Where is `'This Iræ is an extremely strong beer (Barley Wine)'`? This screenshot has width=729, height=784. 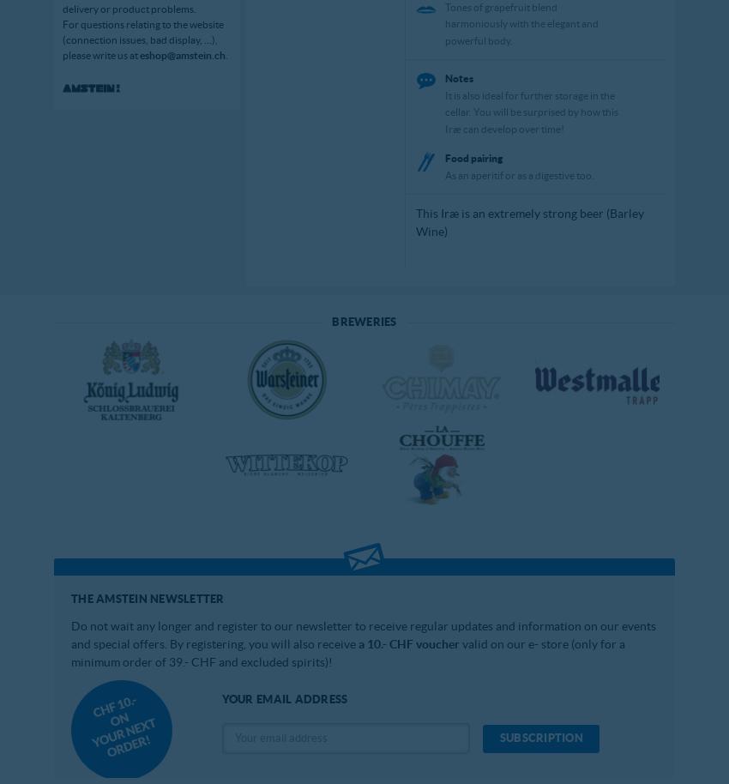 'This Iræ is an extremely strong beer (Barley Wine)' is located at coordinates (529, 221).